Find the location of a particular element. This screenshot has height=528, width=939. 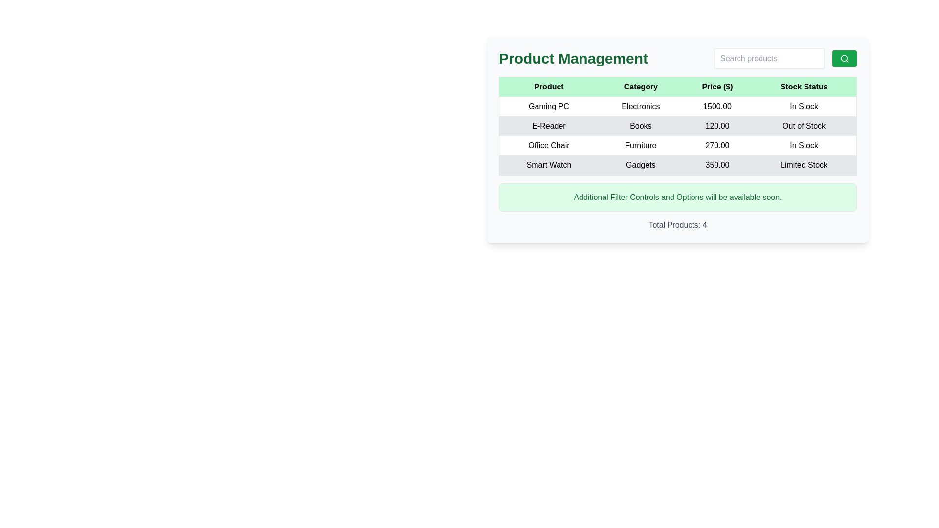

the Text Label displaying 'Total Products: 4' which is styled in dark gray and positioned below the green-highlighted message about additional filter controls is located at coordinates (677, 225).